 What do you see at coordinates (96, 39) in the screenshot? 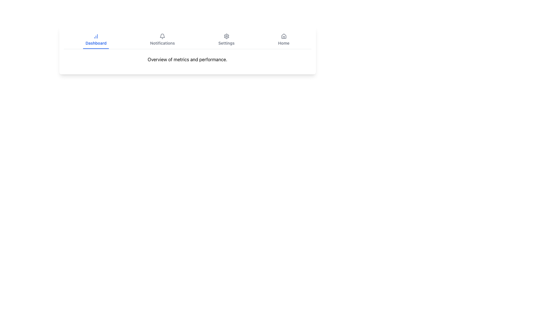
I see `the navigation button located at the top-left corner of the horizontal navigation bar` at bounding box center [96, 39].